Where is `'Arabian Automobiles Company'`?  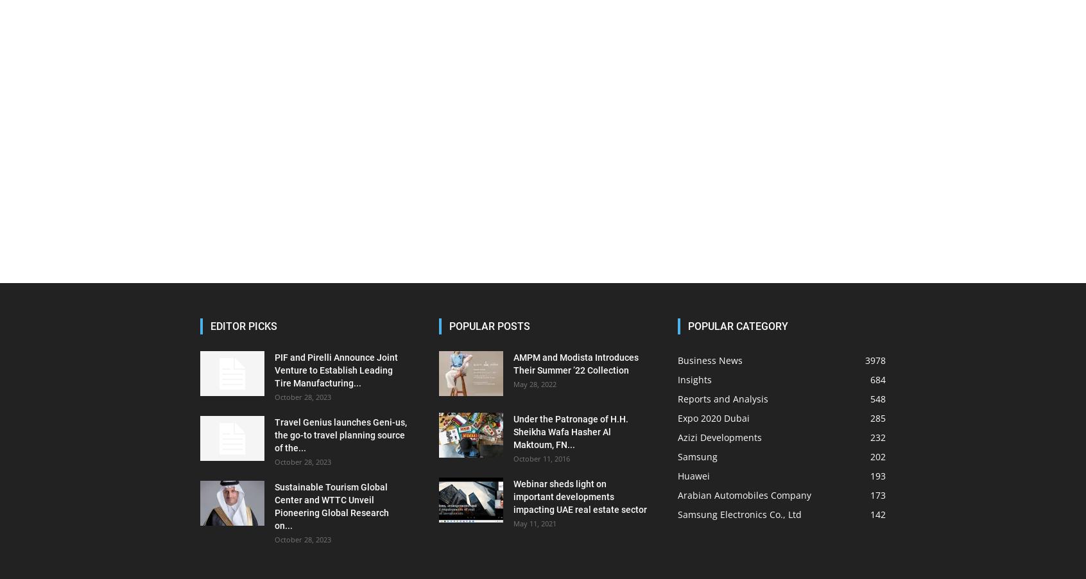 'Arabian Automobiles Company' is located at coordinates (744, 494).